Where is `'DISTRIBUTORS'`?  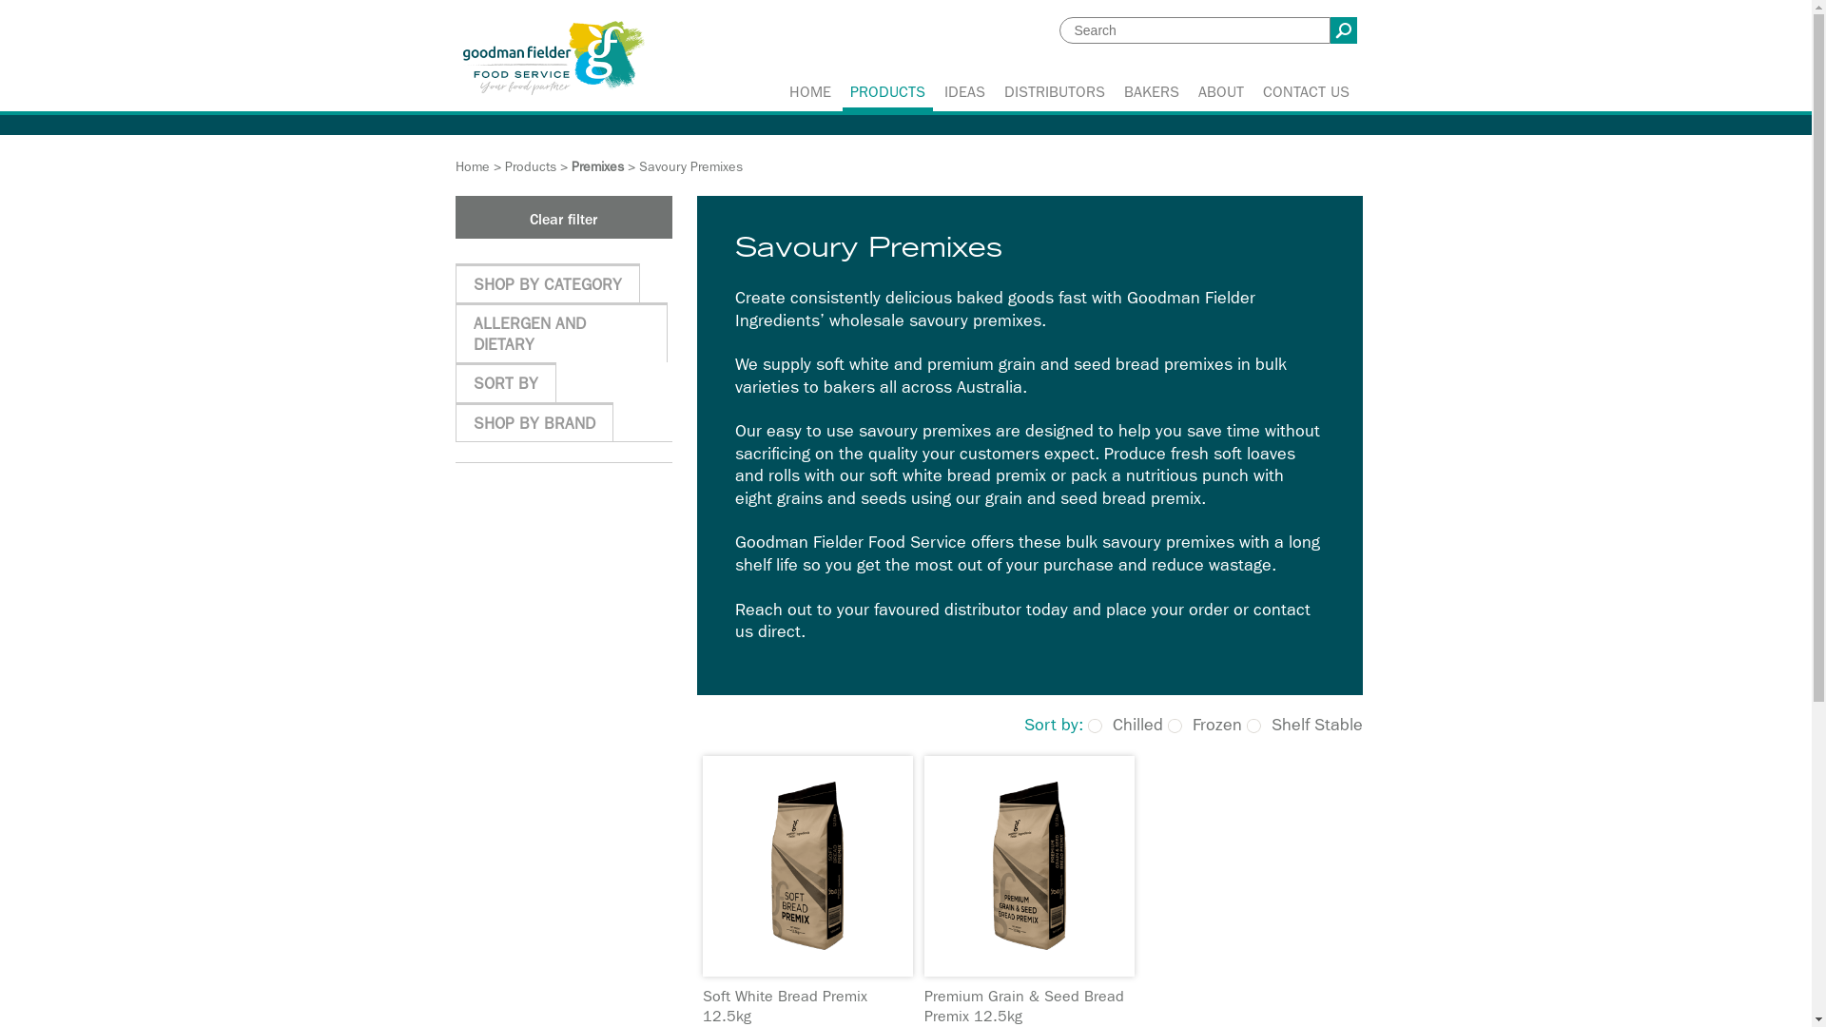 'DISTRIBUTORS' is located at coordinates (1053, 92).